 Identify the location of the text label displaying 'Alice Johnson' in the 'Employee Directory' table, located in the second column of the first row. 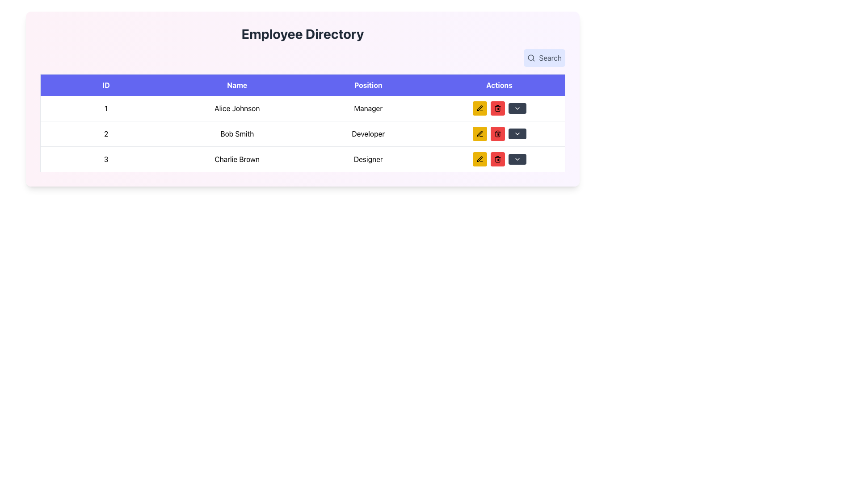
(237, 108).